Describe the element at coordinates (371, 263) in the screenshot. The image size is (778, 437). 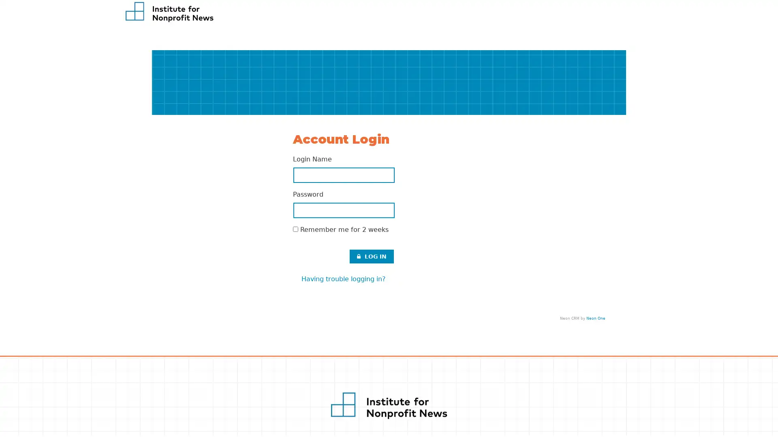
I see `LOG IN .` at that location.